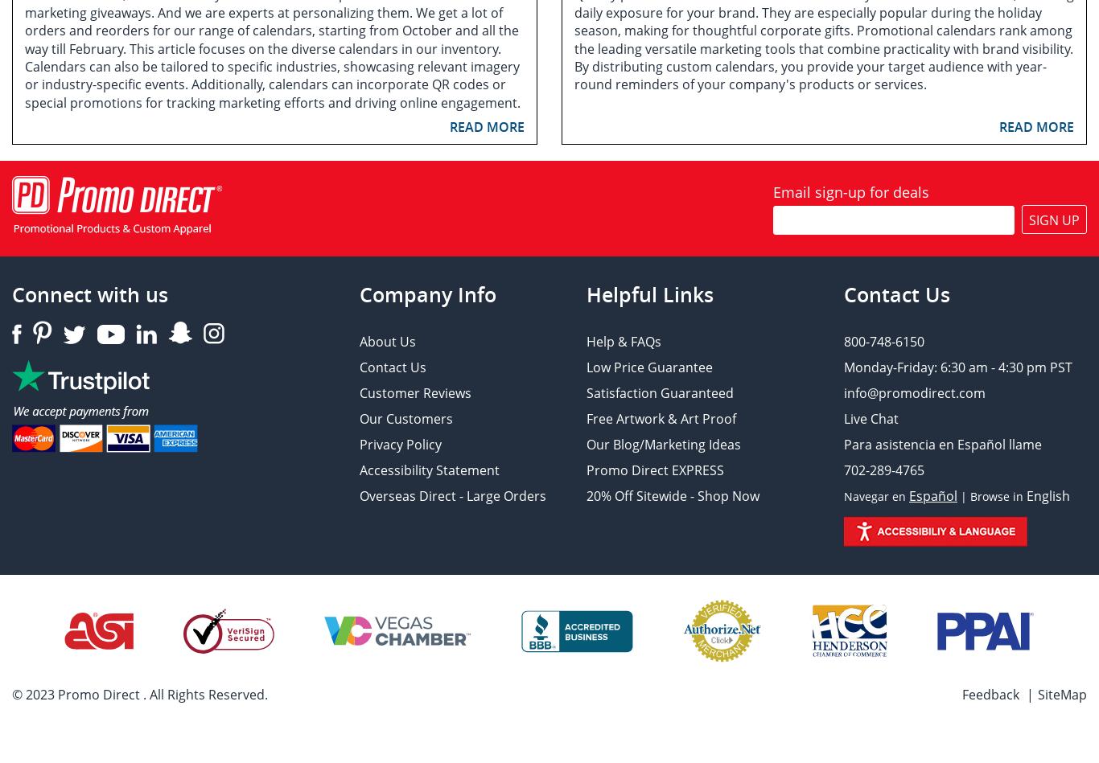  Describe the element at coordinates (672, 495) in the screenshot. I see `'20% Off Sitewide - Shop Now'` at that location.